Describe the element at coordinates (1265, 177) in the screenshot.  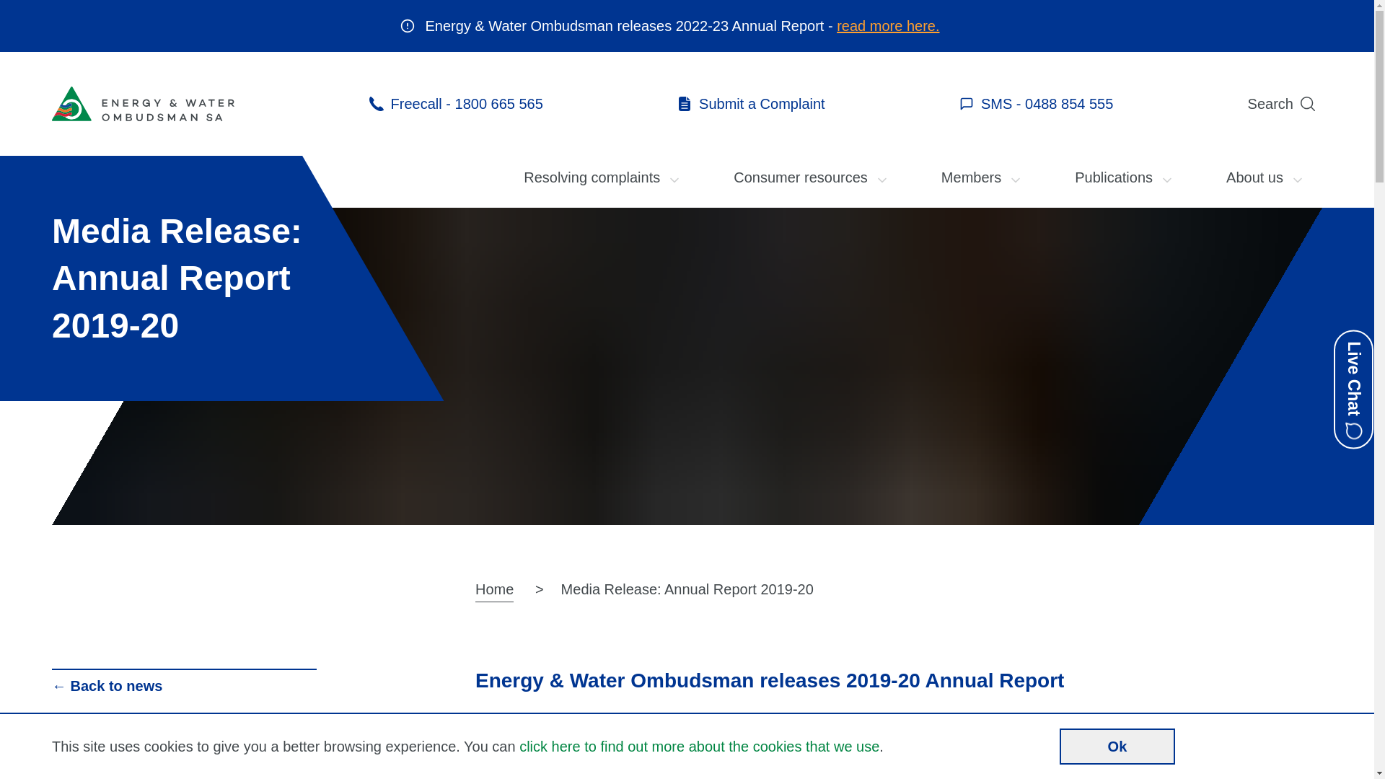
I see `'About us'` at that location.